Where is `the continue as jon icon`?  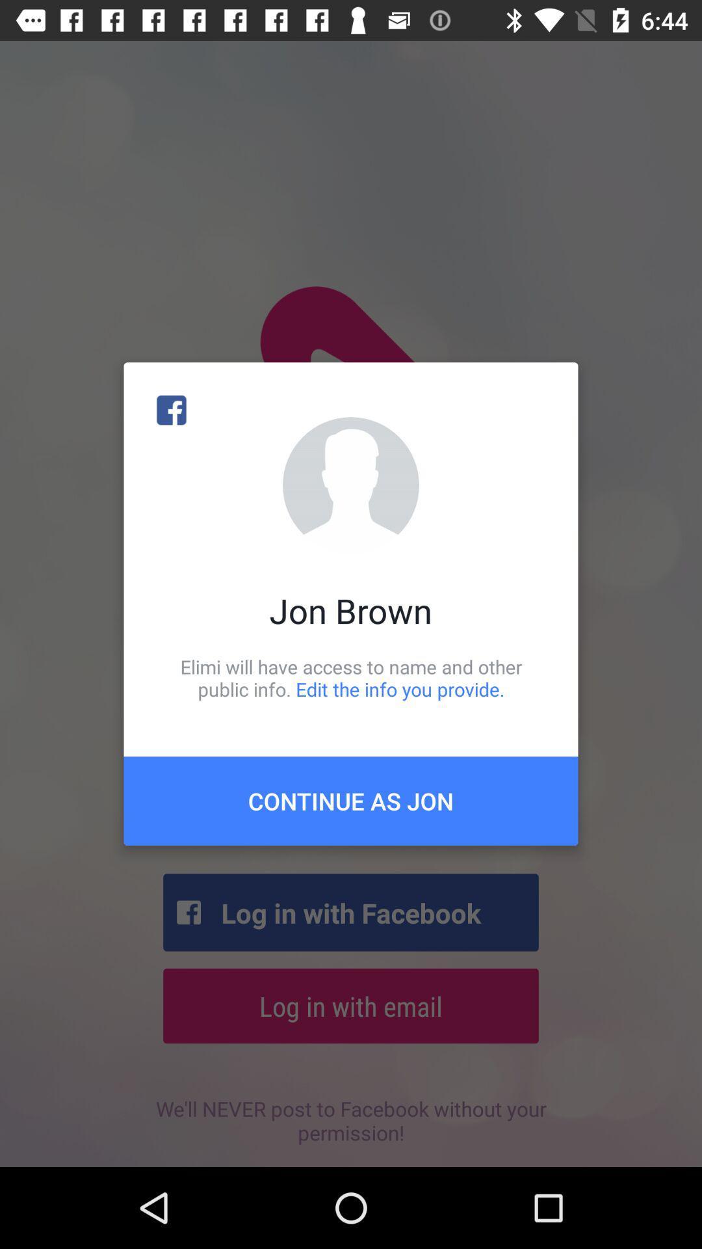 the continue as jon icon is located at coordinates (351, 800).